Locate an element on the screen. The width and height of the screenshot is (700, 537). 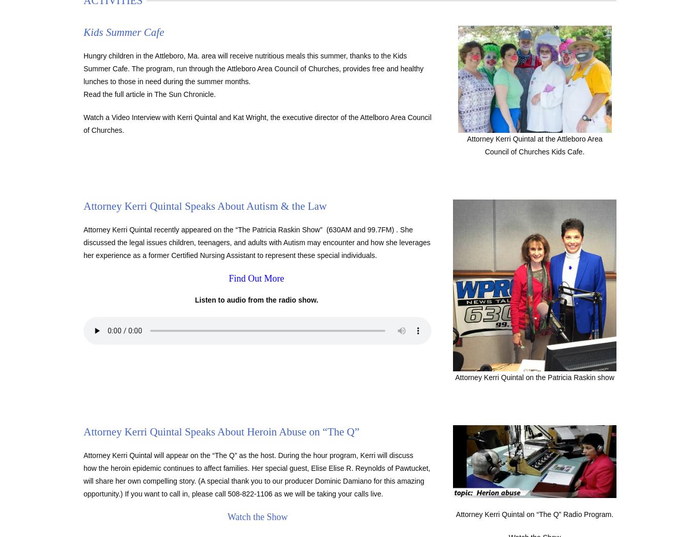
'former Certified Nursing Assistant' is located at coordinates (202, 254).